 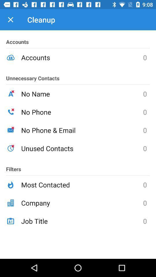 What do you see at coordinates (10, 20) in the screenshot?
I see `item to the left of the cleanup icon` at bounding box center [10, 20].